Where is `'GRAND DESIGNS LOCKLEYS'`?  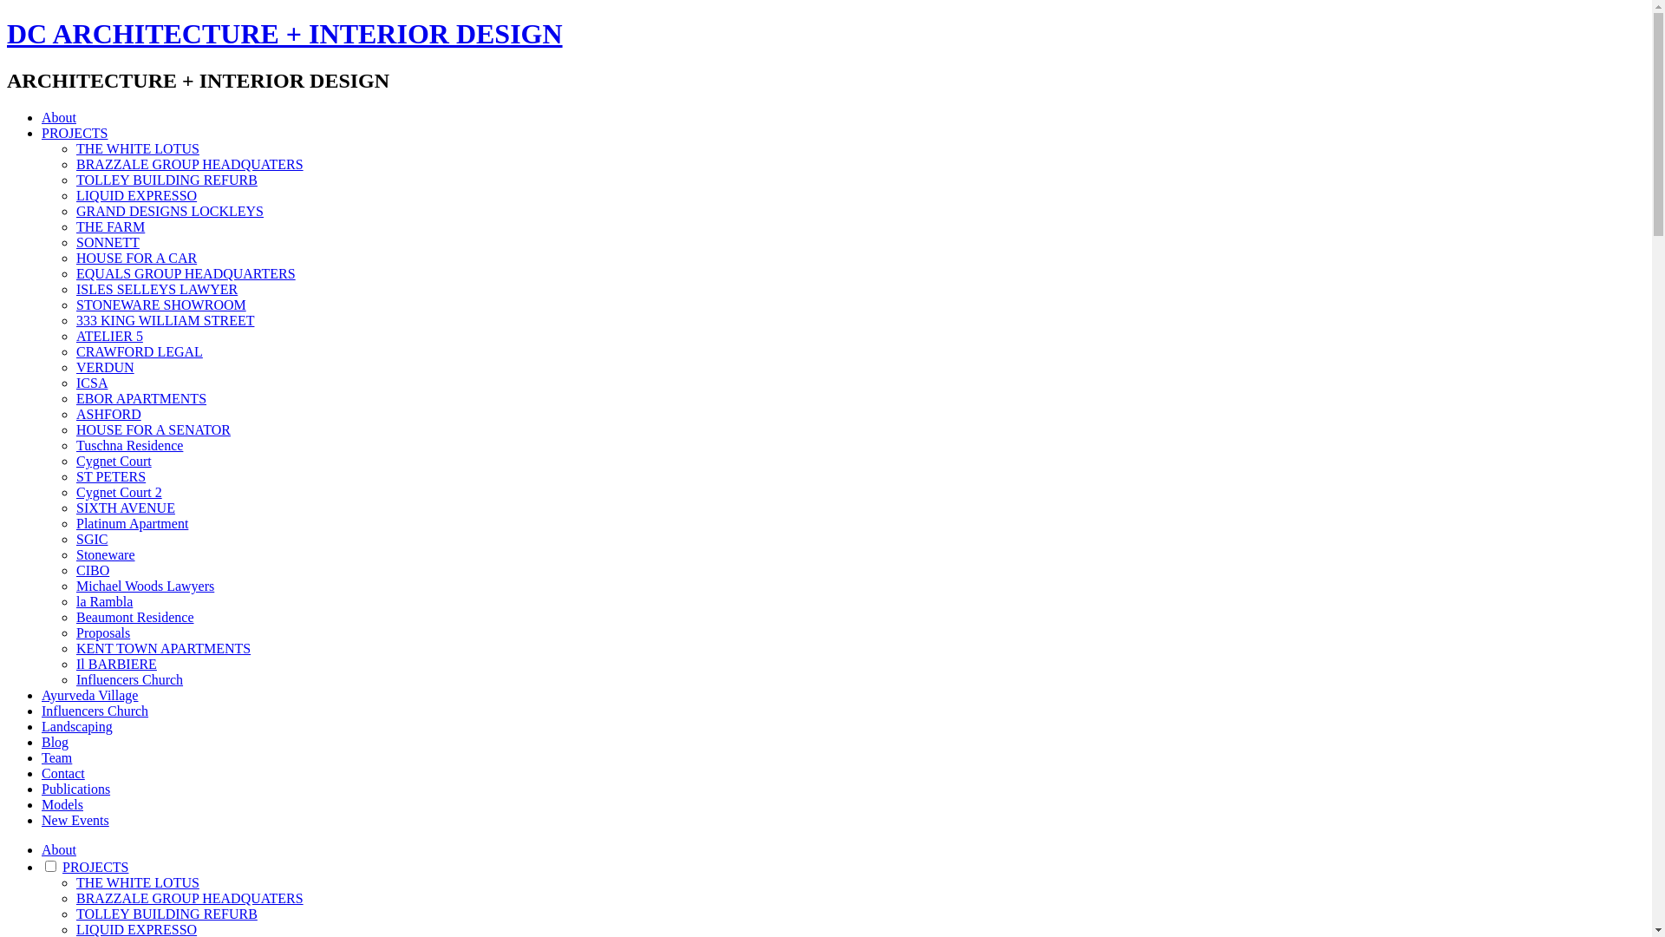 'GRAND DESIGNS LOCKLEYS' is located at coordinates (170, 210).